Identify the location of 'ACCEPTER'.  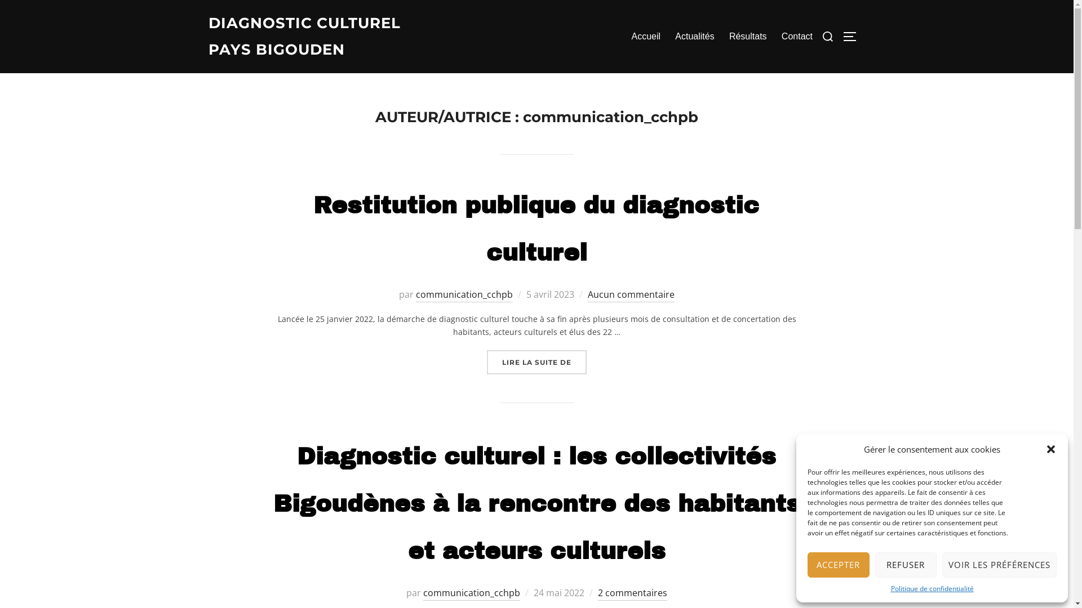
(839, 565).